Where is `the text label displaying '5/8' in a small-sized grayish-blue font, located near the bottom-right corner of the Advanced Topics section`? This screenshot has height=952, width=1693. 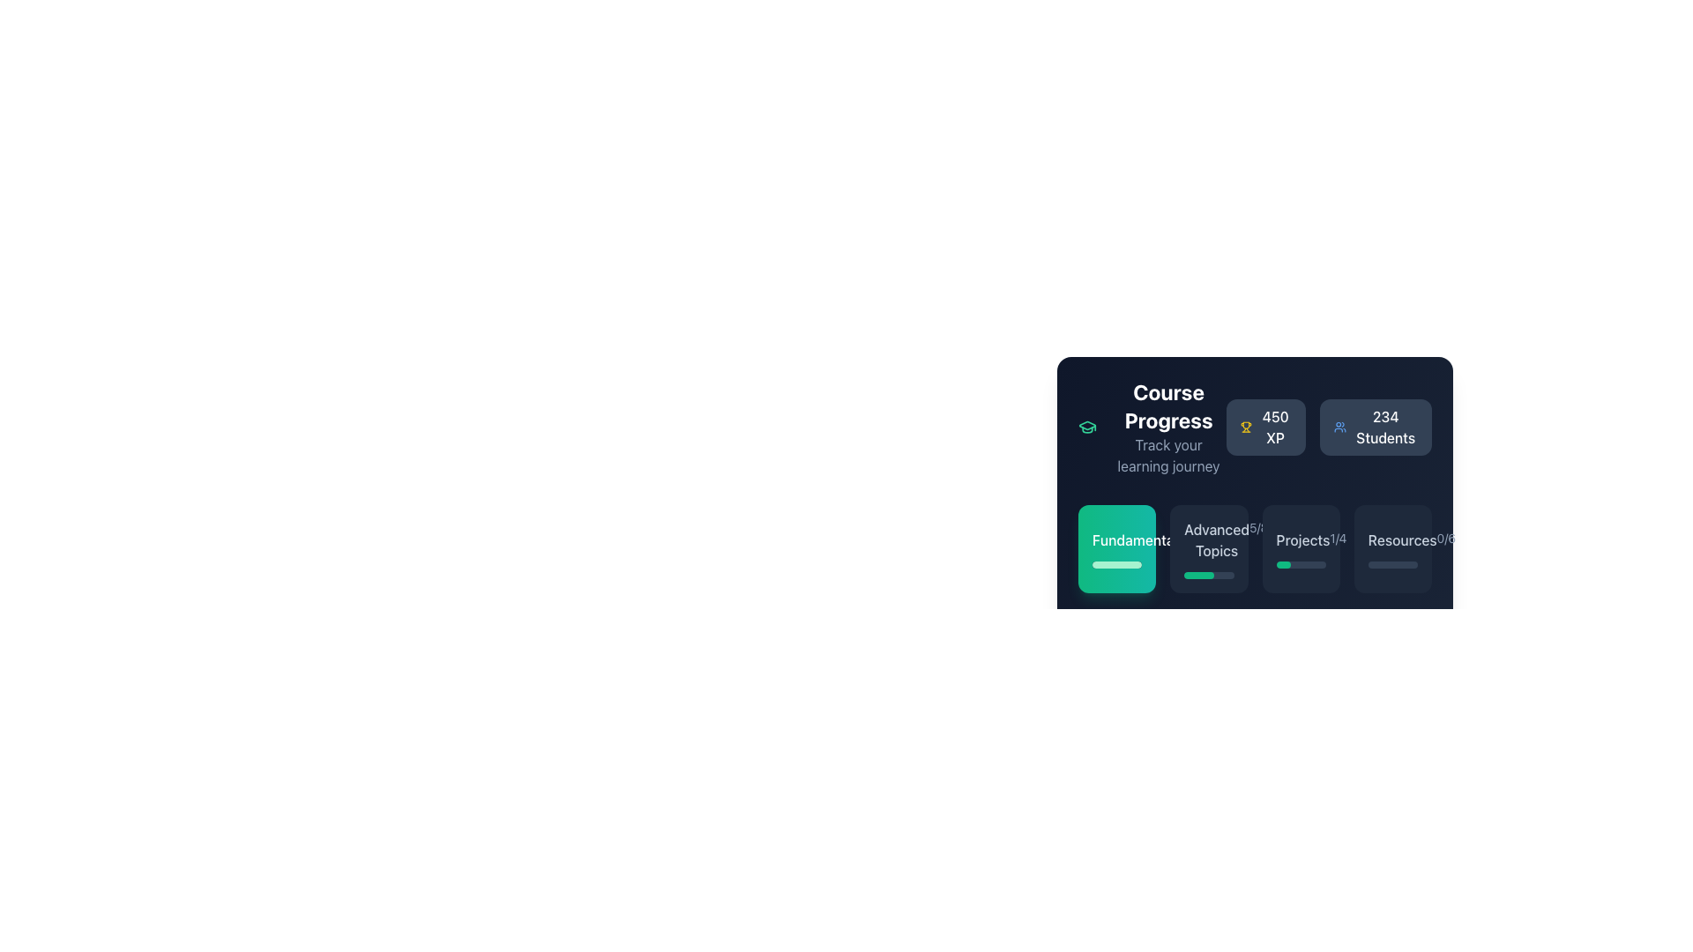
the text label displaying '5/8' in a small-sized grayish-blue font, located near the bottom-right corner of the Advanced Topics section is located at coordinates (1257, 526).